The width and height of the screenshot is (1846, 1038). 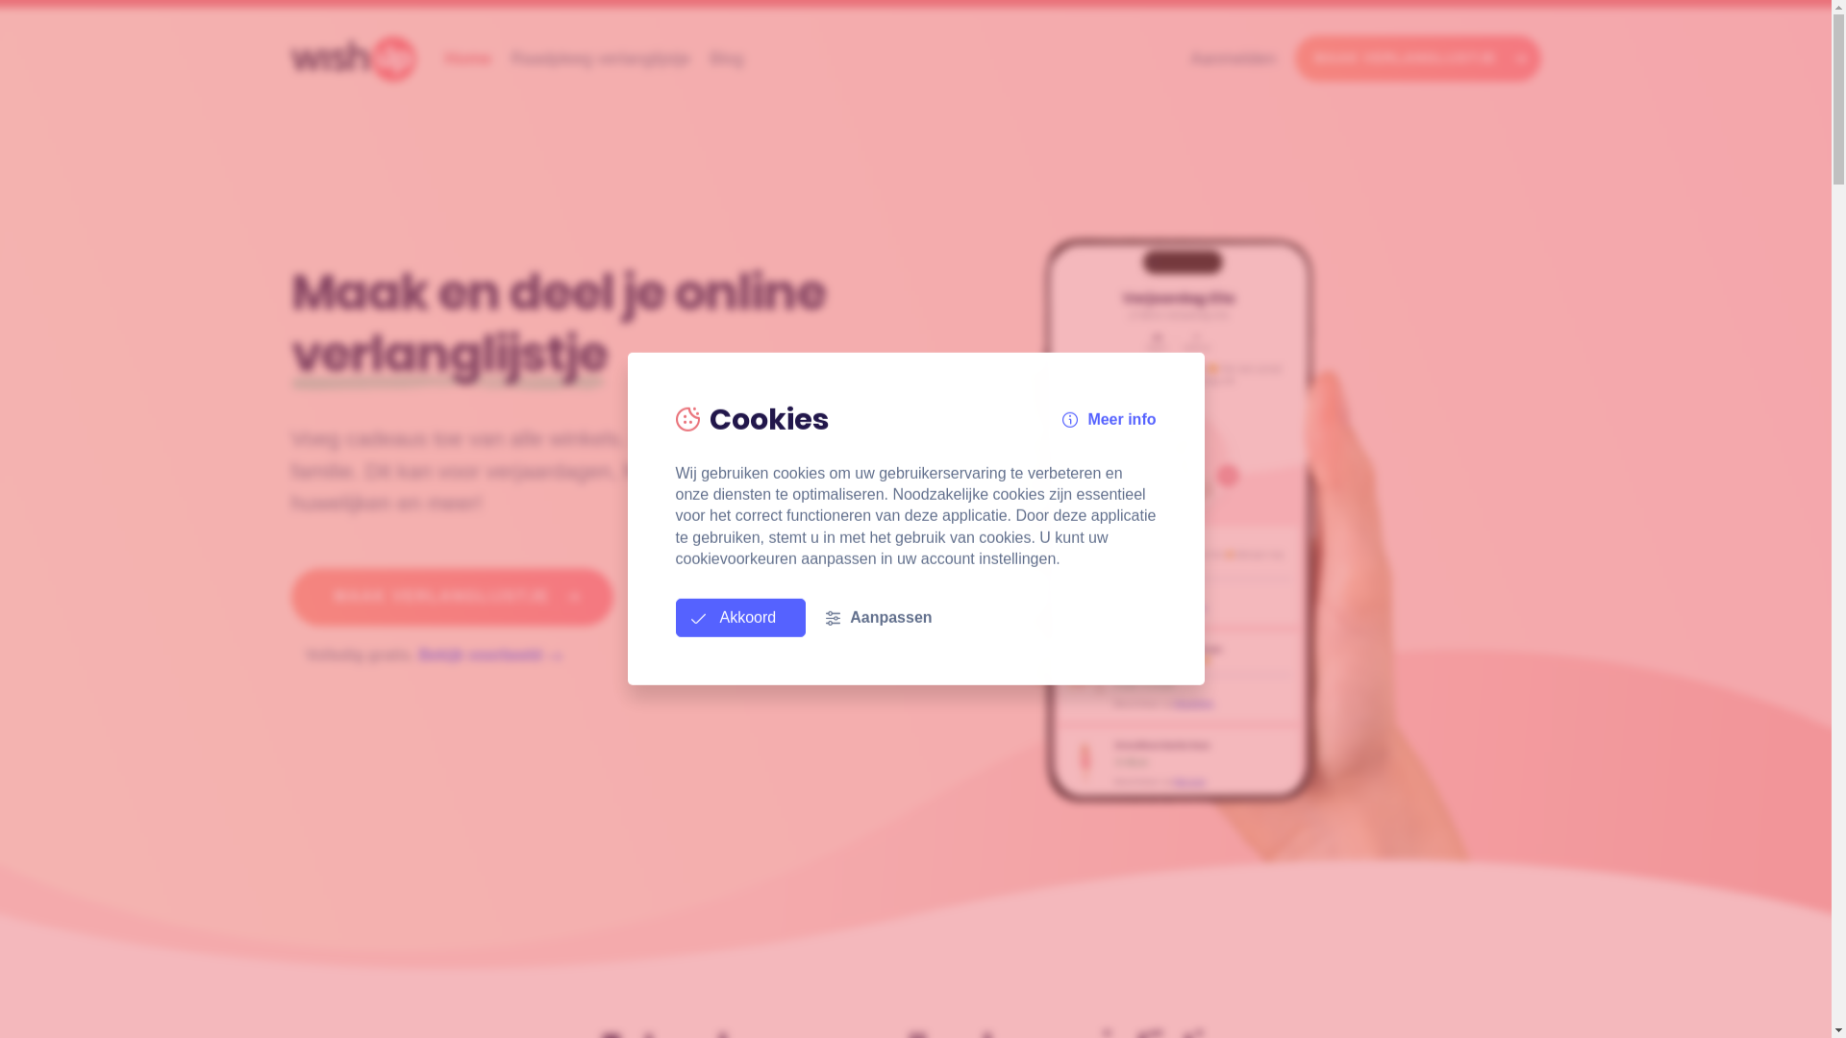 What do you see at coordinates (709, 58) in the screenshot?
I see `'Blog'` at bounding box center [709, 58].